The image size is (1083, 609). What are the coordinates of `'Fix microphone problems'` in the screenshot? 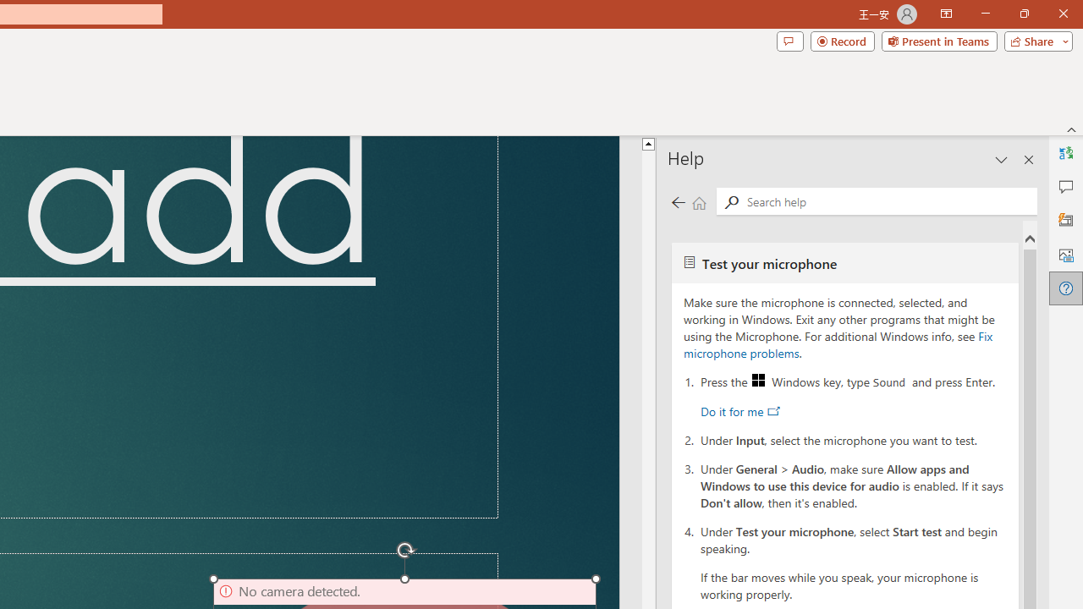 It's located at (838, 343).